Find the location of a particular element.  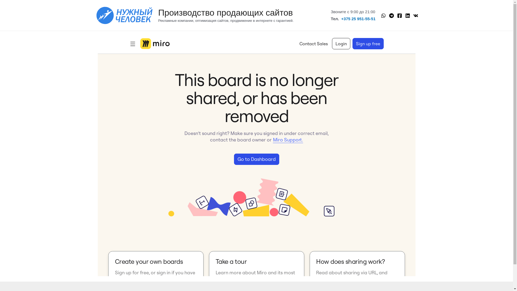

'+375 25 951-55-51' is located at coordinates (341, 18).